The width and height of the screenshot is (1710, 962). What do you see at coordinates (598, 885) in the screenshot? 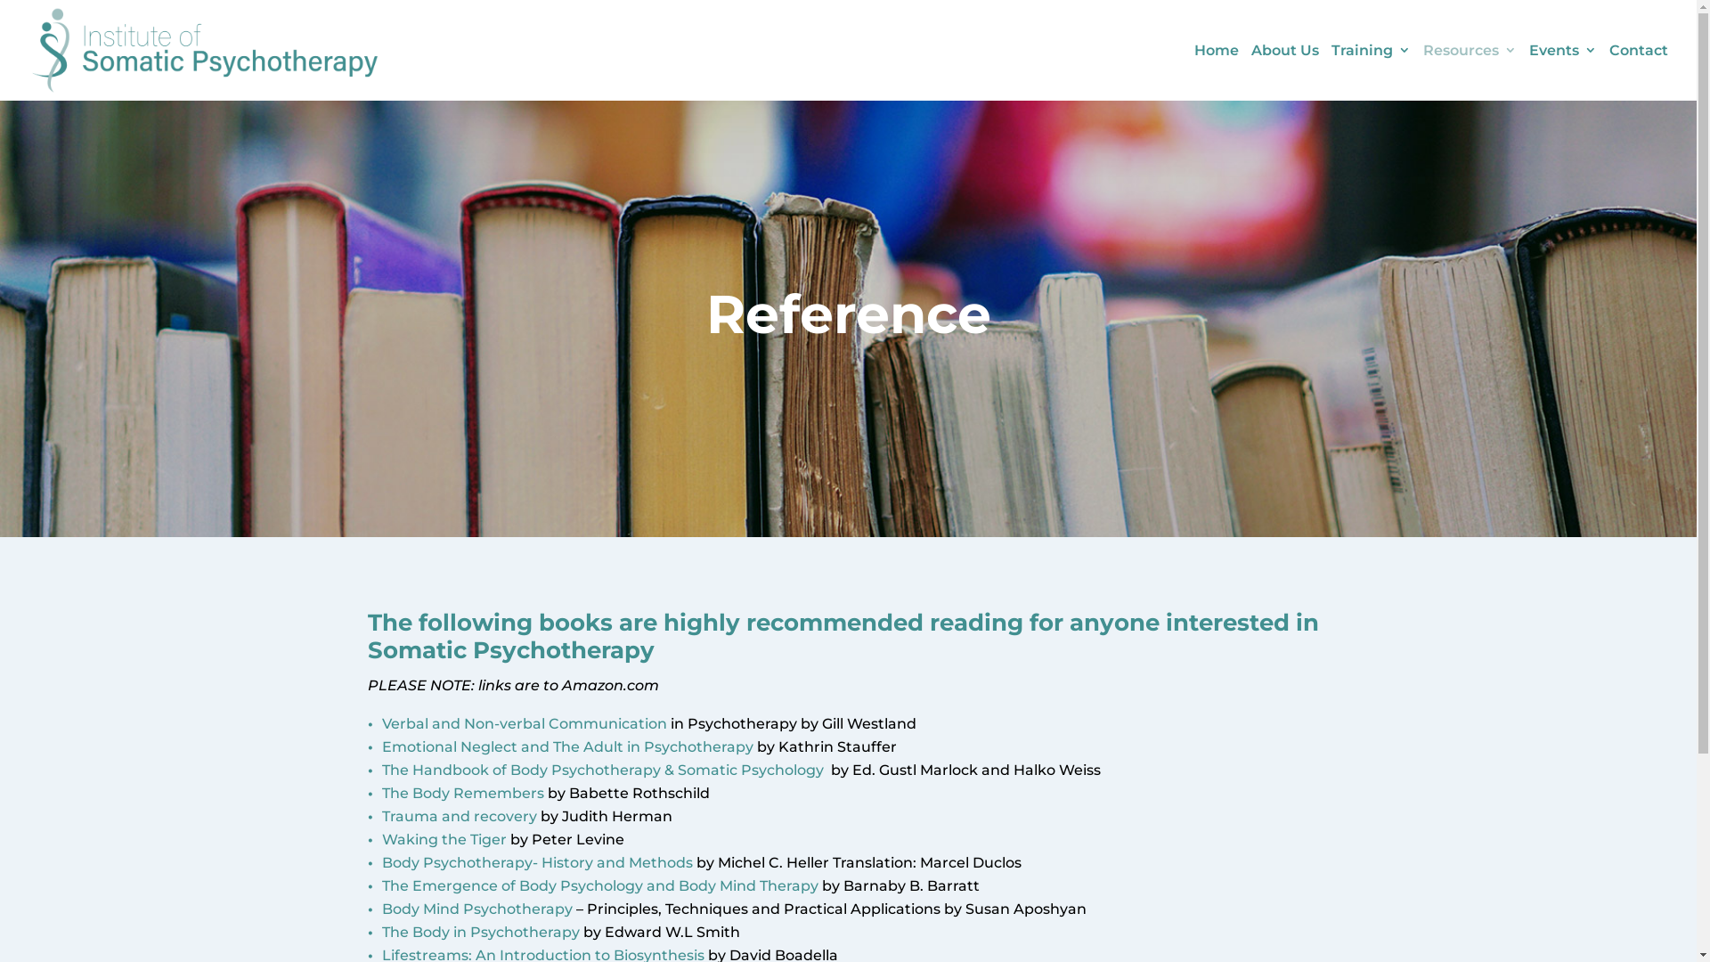
I see `'The Emergence of Body Psychology and Body Mind Therapy'` at bounding box center [598, 885].